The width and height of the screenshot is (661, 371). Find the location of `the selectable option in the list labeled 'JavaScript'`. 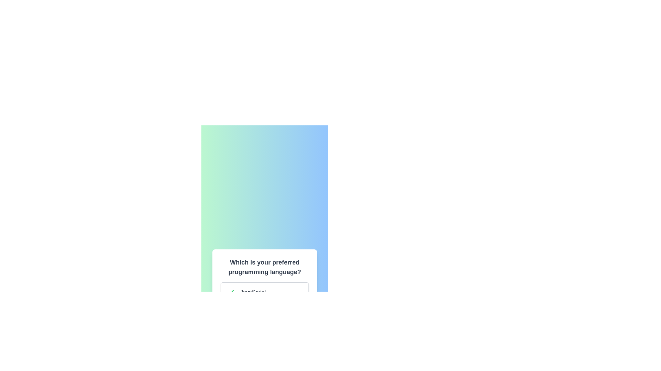

the selectable option in the list labeled 'JavaScript' is located at coordinates (264, 292).